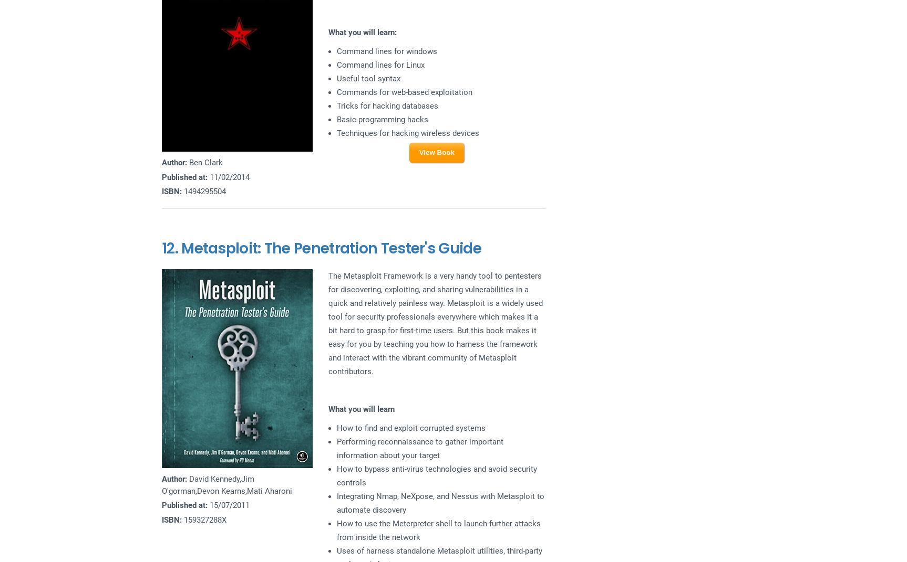 The image size is (907, 562). I want to click on 'How to find and exploit corrupted systems', so click(336, 427).